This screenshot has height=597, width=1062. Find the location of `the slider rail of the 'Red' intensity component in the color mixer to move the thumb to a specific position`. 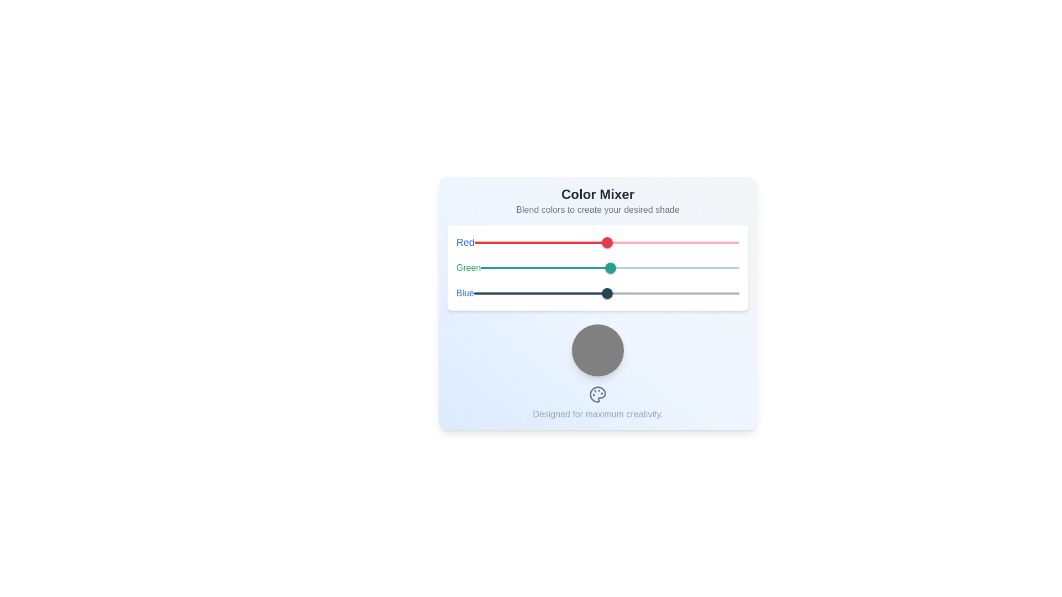

the slider rail of the 'Red' intensity component in the color mixer to move the thumb to a specific position is located at coordinates (606, 242).